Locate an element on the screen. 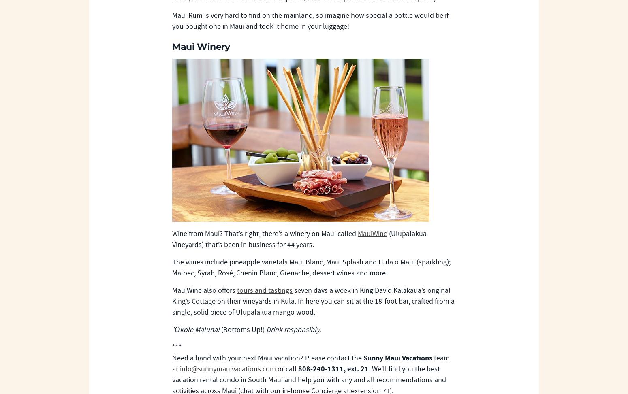  '***' is located at coordinates (177, 347).